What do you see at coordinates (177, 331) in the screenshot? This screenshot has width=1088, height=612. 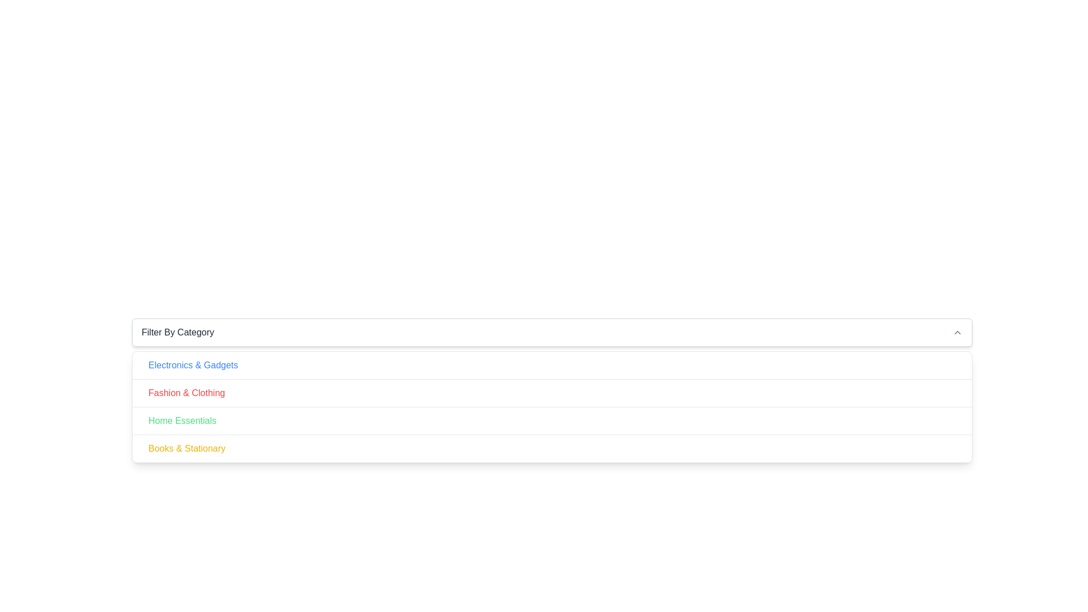 I see `the Text label that serves as a title for the dropdown menu, providing context for filtering items by category` at bounding box center [177, 331].